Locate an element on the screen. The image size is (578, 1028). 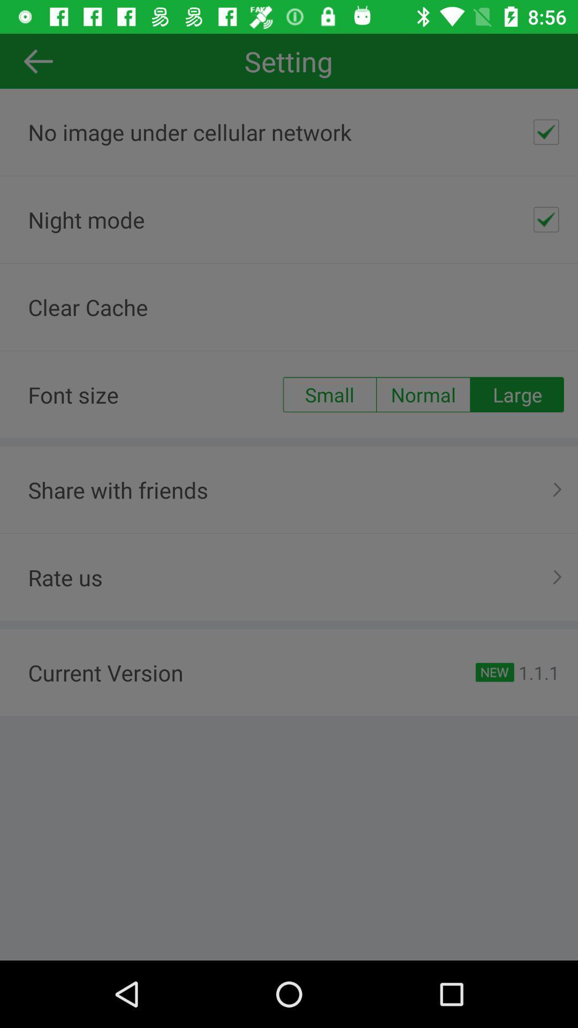
the item below the clear cache app is located at coordinates (516, 394).